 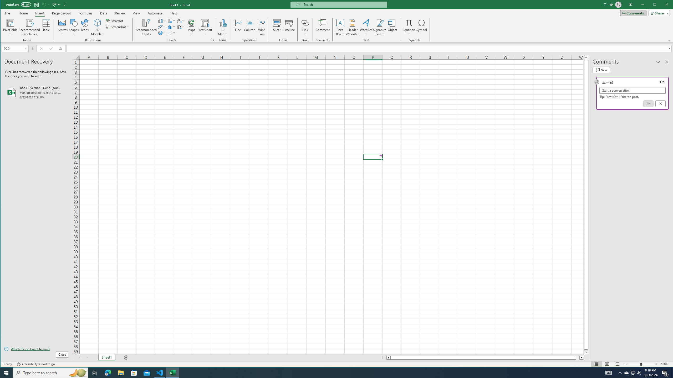 I want to click on 'Save', so click(x=36, y=4).